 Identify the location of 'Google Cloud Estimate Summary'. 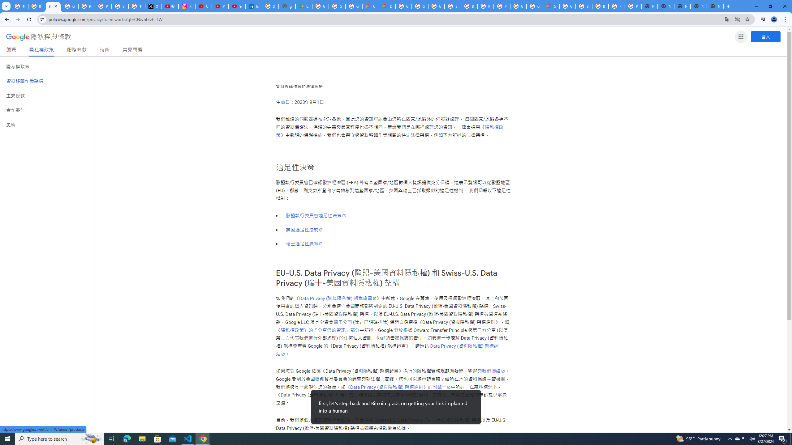
(551, 6).